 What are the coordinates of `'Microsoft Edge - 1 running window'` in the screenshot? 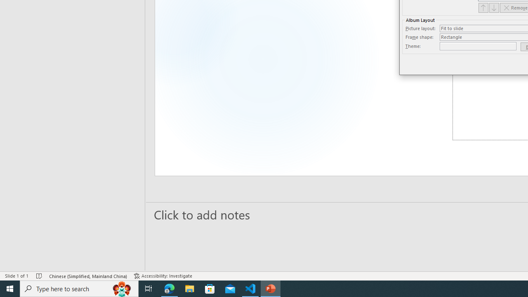 It's located at (169, 288).